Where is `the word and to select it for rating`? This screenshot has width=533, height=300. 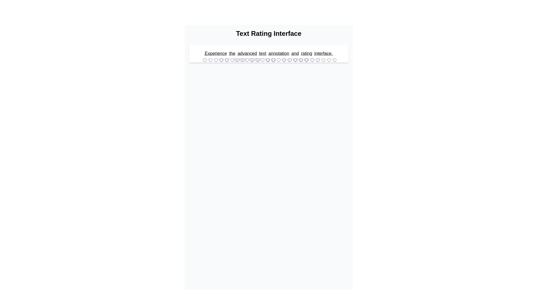 the word and to select it for rating is located at coordinates (295, 53).